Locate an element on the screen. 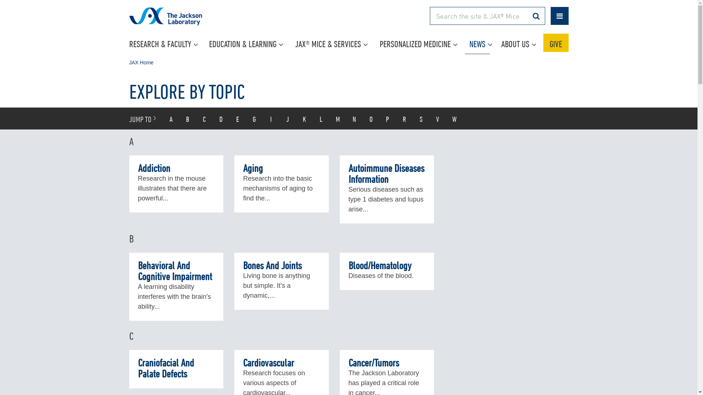 This screenshot has height=395, width=703. 'S' is located at coordinates (413, 118).